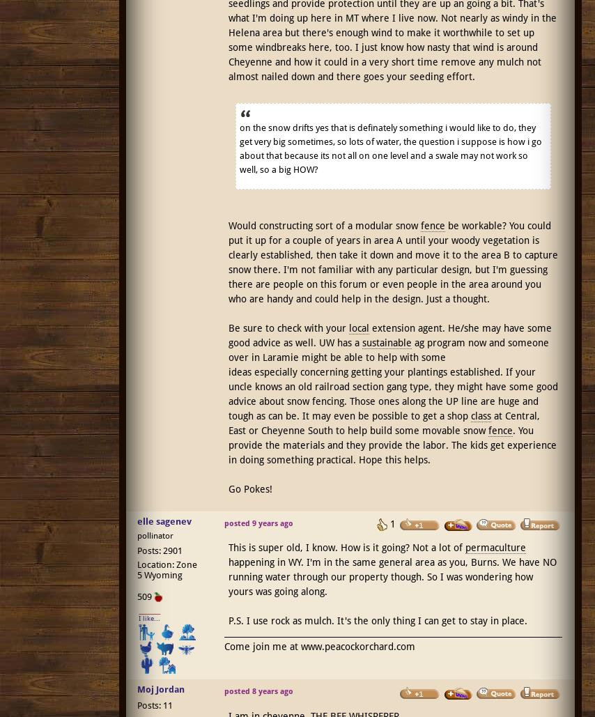 The height and width of the screenshot is (717, 595). Describe the element at coordinates (159, 550) in the screenshot. I see `'Posts: 2901'` at that location.